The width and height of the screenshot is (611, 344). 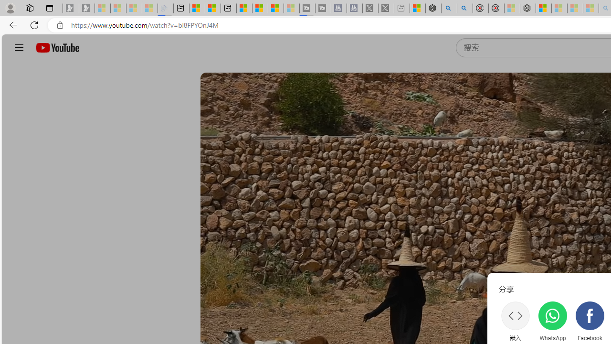 What do you see at coordinates (87, 8) in the screenshot?
I see `'Newsletter Sign Up - Sleeping'` at bounding box center [87, 8].